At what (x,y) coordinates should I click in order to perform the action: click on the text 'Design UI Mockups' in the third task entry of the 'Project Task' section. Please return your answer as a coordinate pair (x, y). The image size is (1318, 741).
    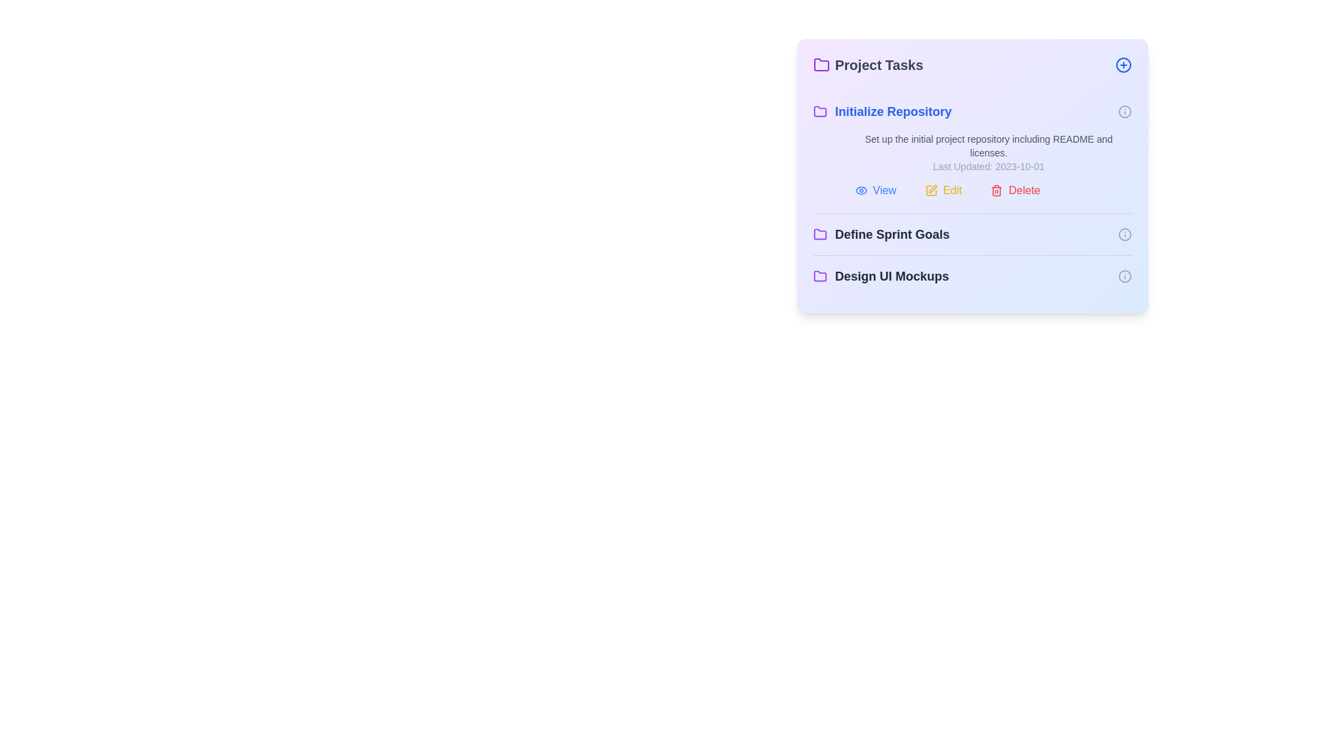
    Looking at the image, I should click on (881, 276).